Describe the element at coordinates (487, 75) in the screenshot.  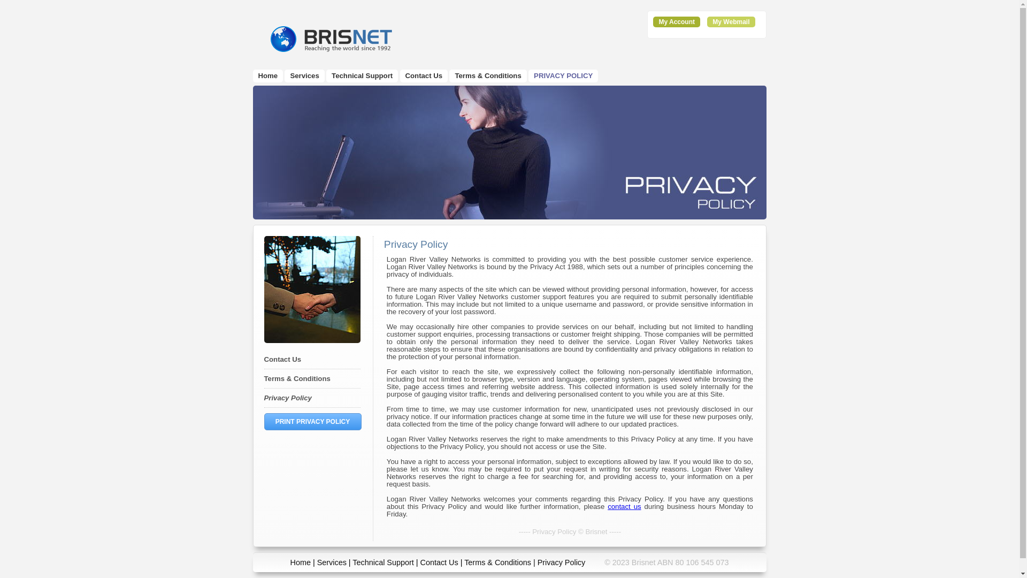
I see `'Terms & Conditions'` at that location.